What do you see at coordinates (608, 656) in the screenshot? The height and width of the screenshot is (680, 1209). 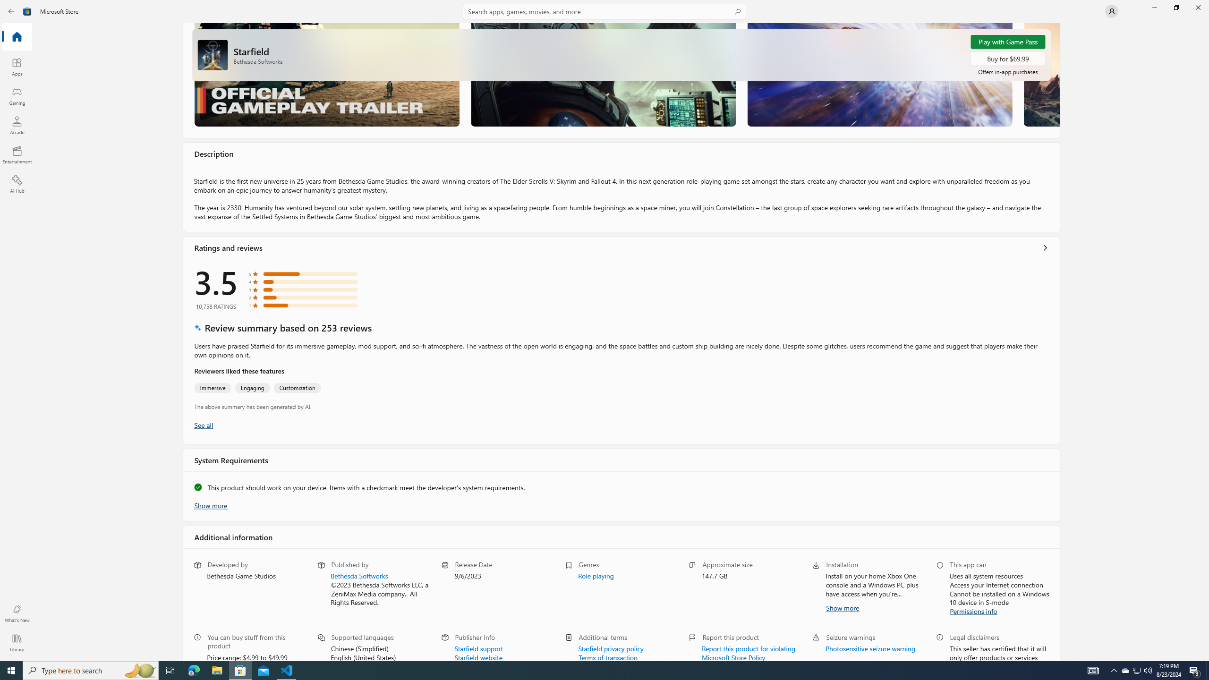 I see `'Terms of transaction'` at bounding box center [608, 656].